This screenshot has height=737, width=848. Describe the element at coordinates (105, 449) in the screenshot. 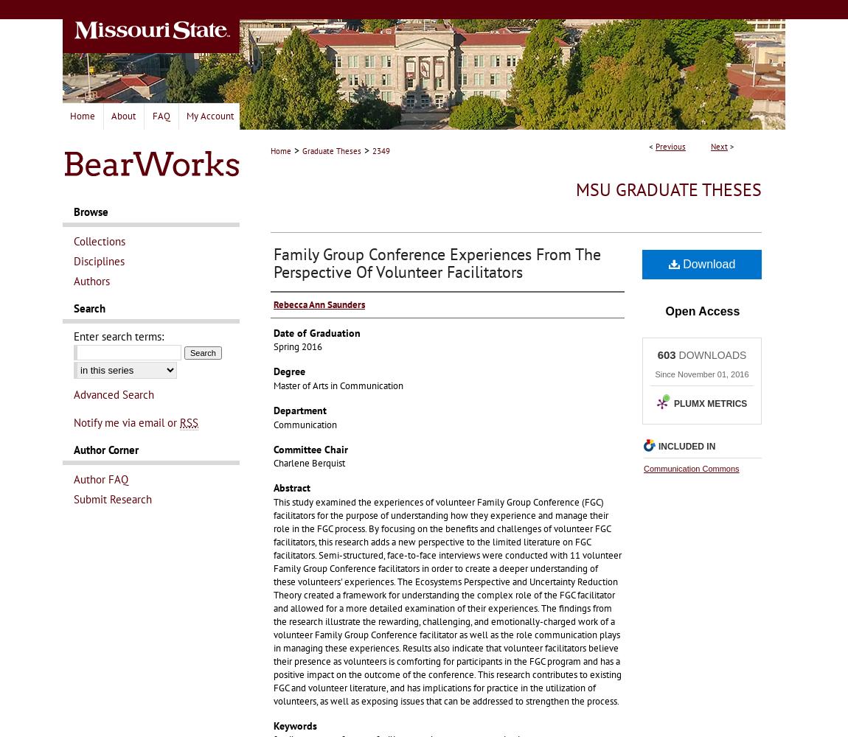

I see `'Author Corner'` at that location.